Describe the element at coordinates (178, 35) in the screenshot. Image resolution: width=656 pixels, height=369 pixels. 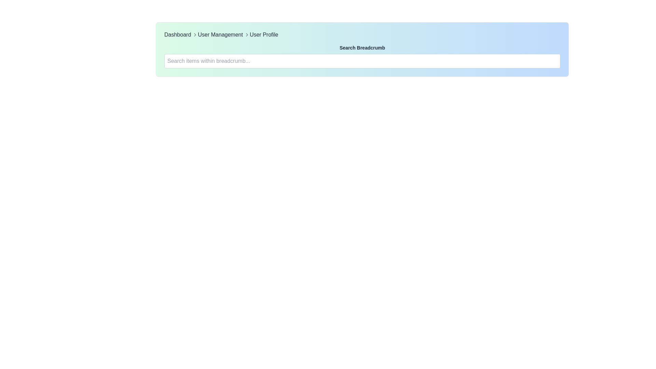
I see `the first hyperlink in the breadcrumb navigation bar` at that location.